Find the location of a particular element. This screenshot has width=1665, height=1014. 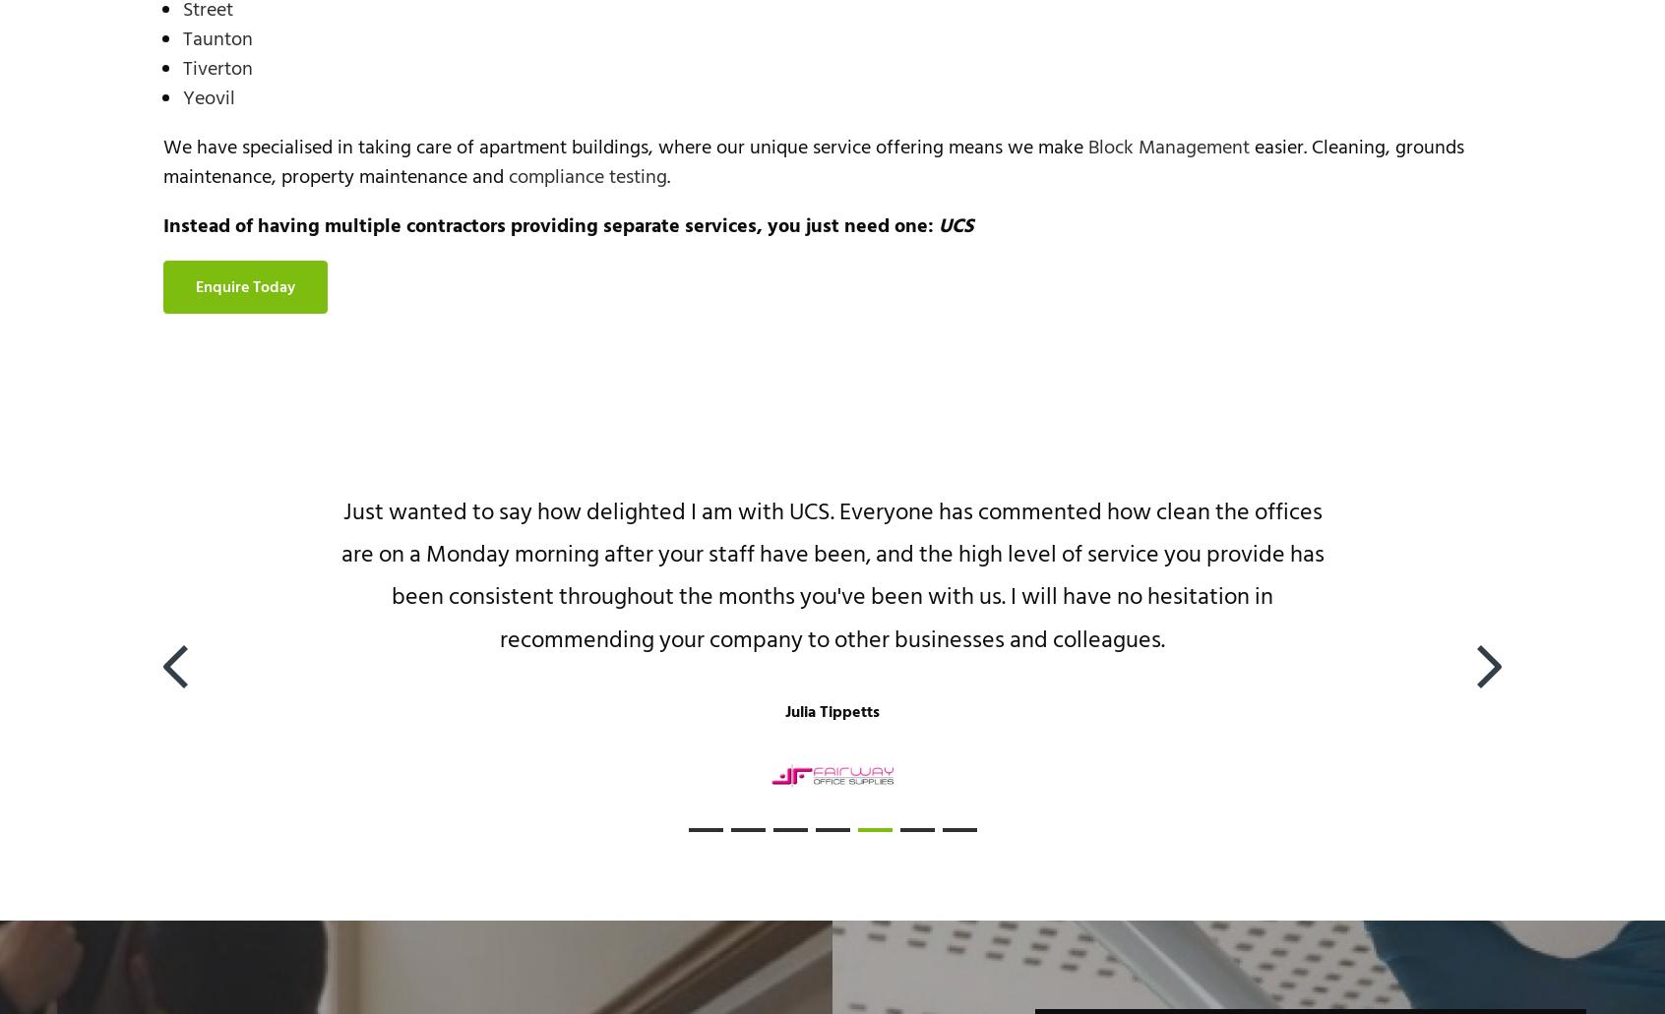

'easier. Cleaning, grounds maintenance, property maintenance and' is located at coordinates (161, 160).